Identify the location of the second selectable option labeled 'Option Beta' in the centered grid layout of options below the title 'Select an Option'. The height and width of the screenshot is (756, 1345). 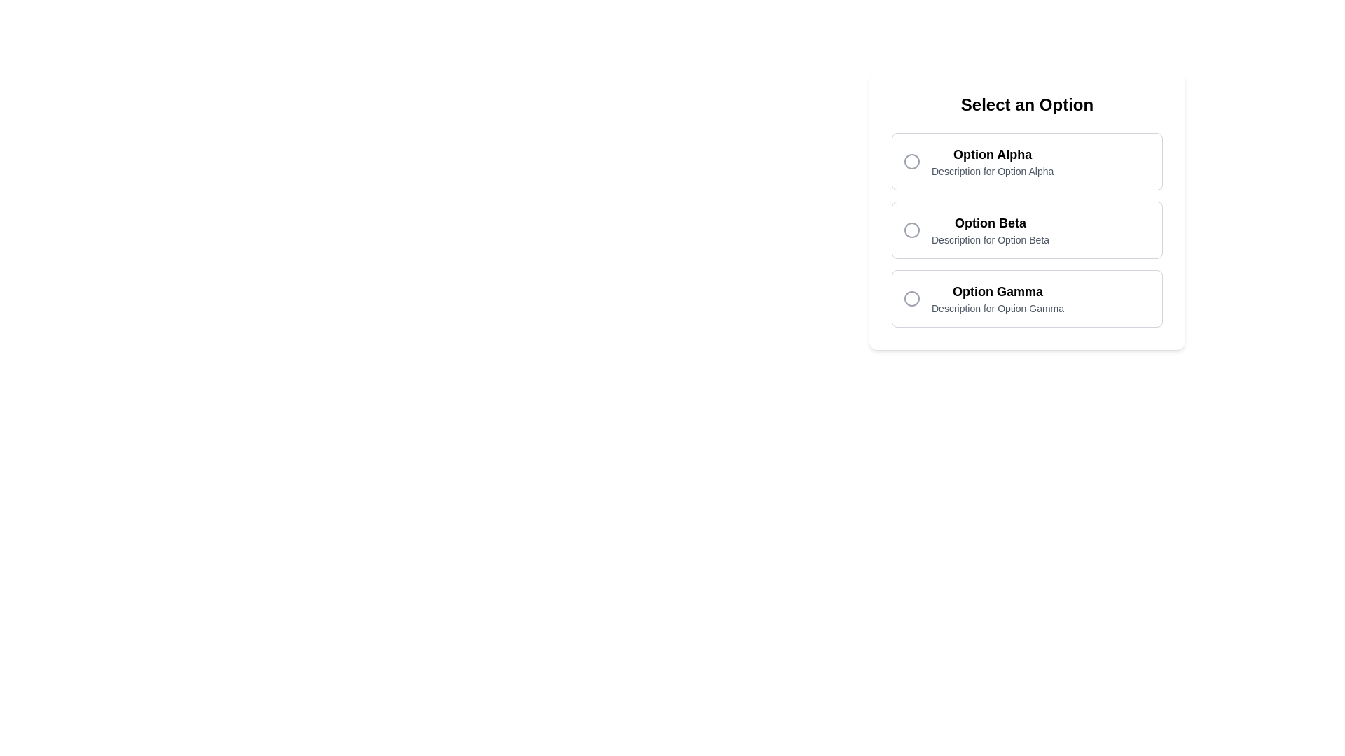
(1027, 229).